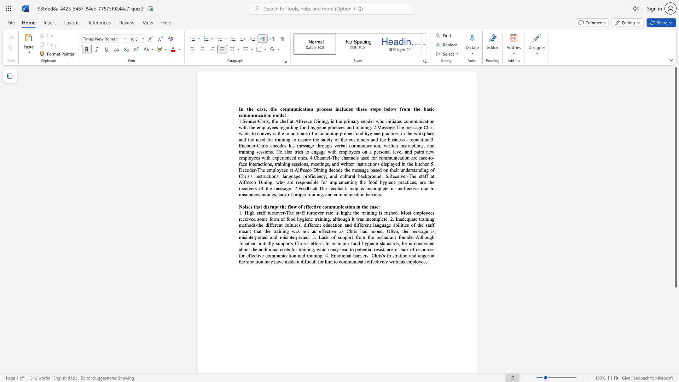 Image resolution: width=679 pixels, height=382 pixels. Describe the element at coordinates (428, 121) in the screenshot. I see `the 2th character "i" in the text` at that location.